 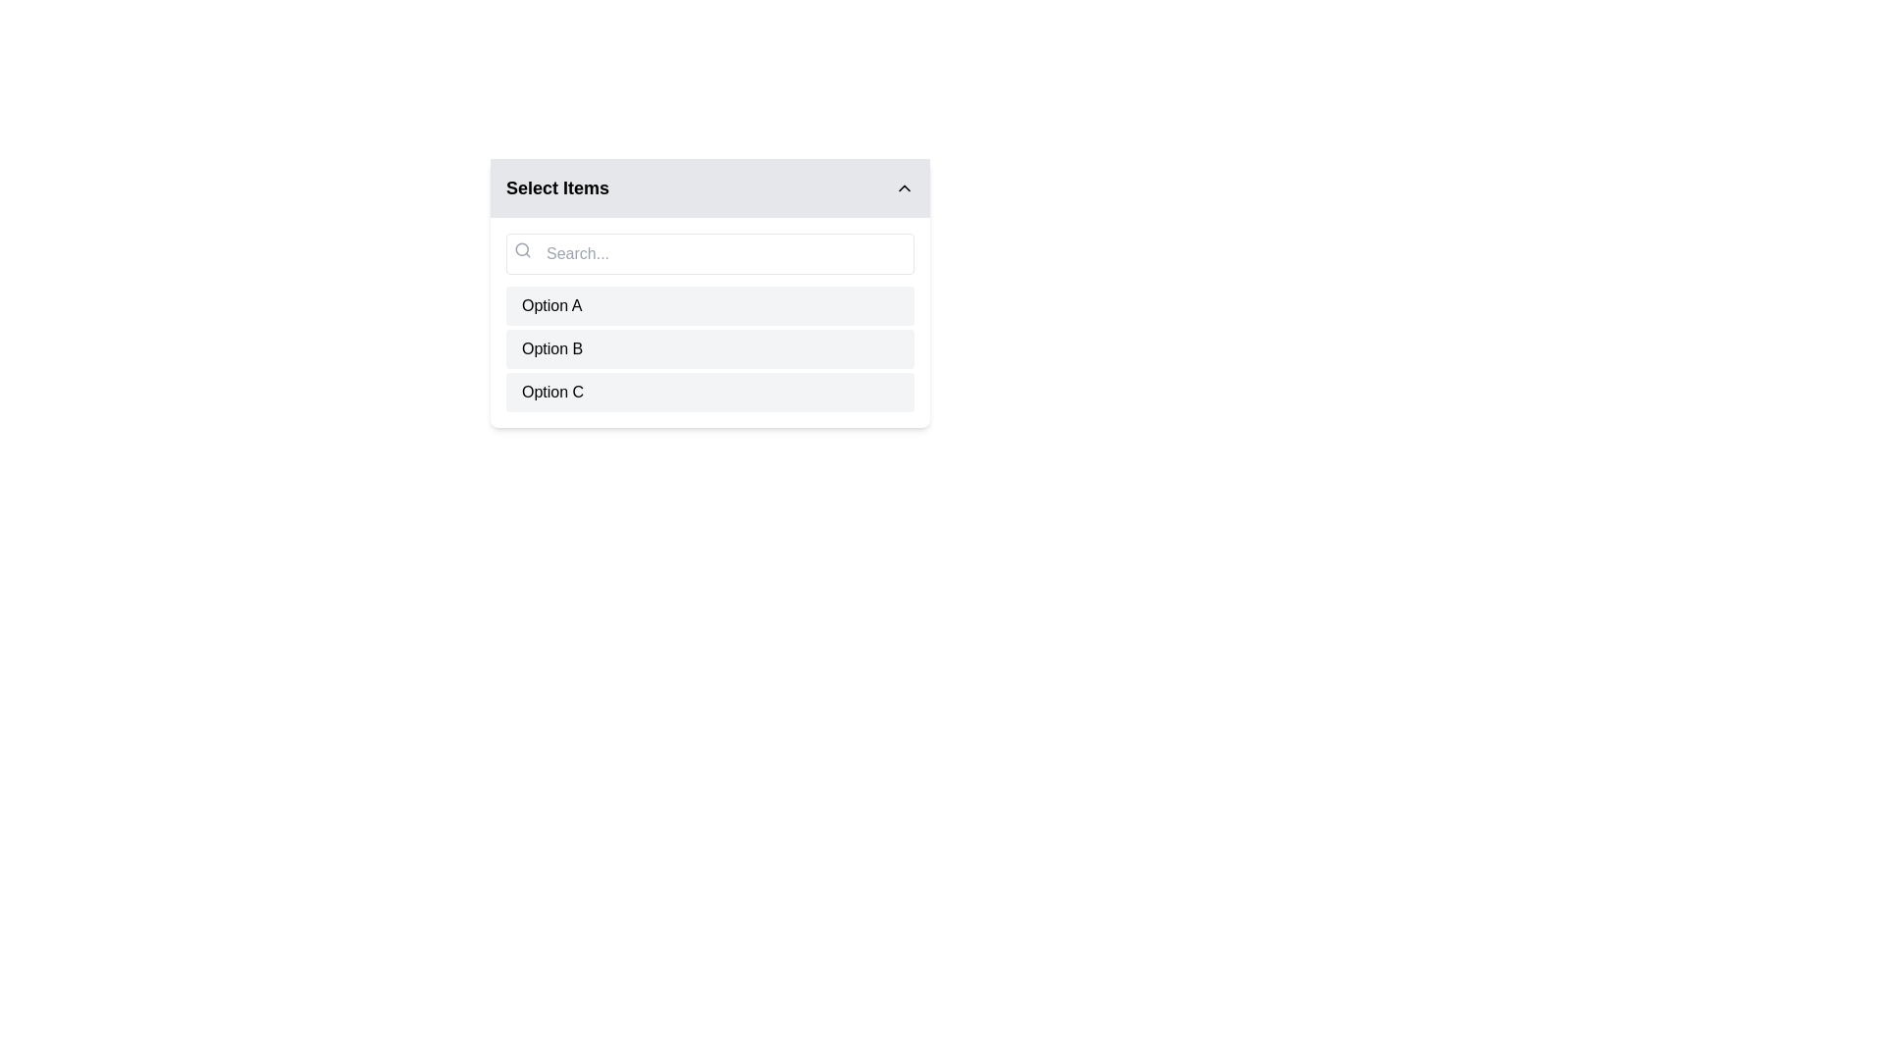 I want to click on the second item in a vertically-stacked list of three options labeled 'Option A', 'Option B', and 'Option C', which is positioned centrally under a search field, so click(x=709, y=347).